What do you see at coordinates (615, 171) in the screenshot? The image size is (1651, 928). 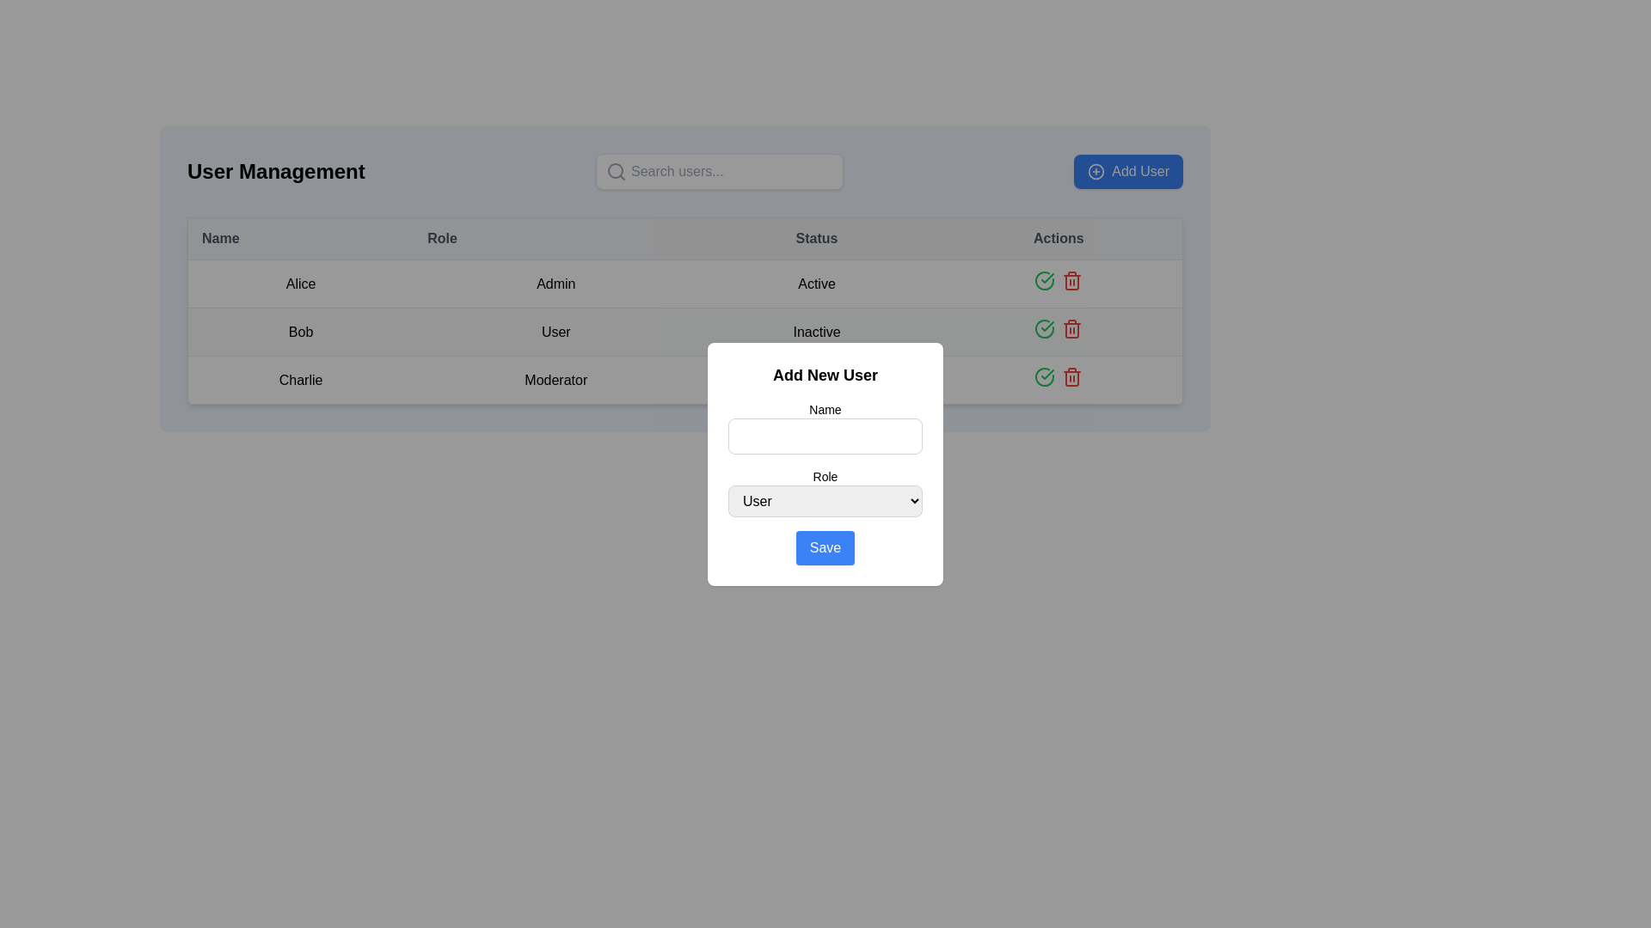 I see `the lens part of the magnifying glass icon, which symbolizes search functionality, located near the left edge of the search input bar in the user management section` at bounding box center [615, 171].